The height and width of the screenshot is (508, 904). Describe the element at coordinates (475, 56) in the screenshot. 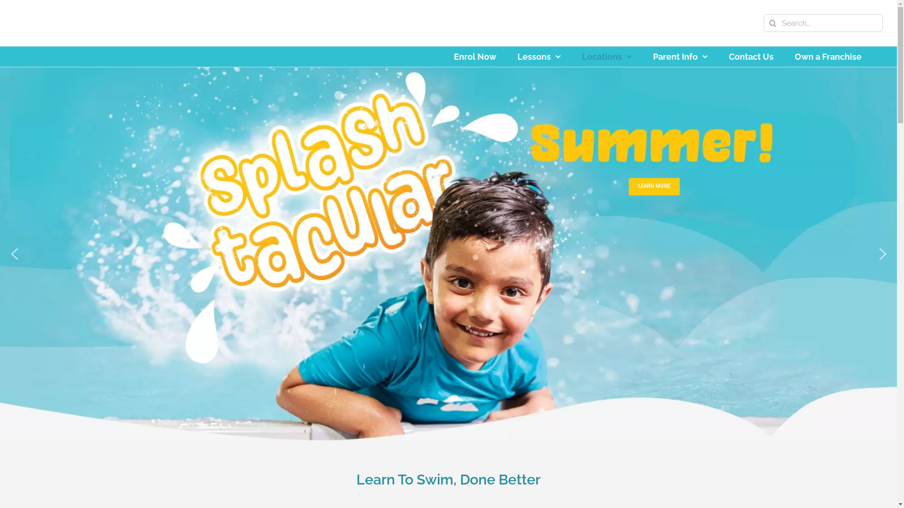

I see `'Enrol Now'` at that location.